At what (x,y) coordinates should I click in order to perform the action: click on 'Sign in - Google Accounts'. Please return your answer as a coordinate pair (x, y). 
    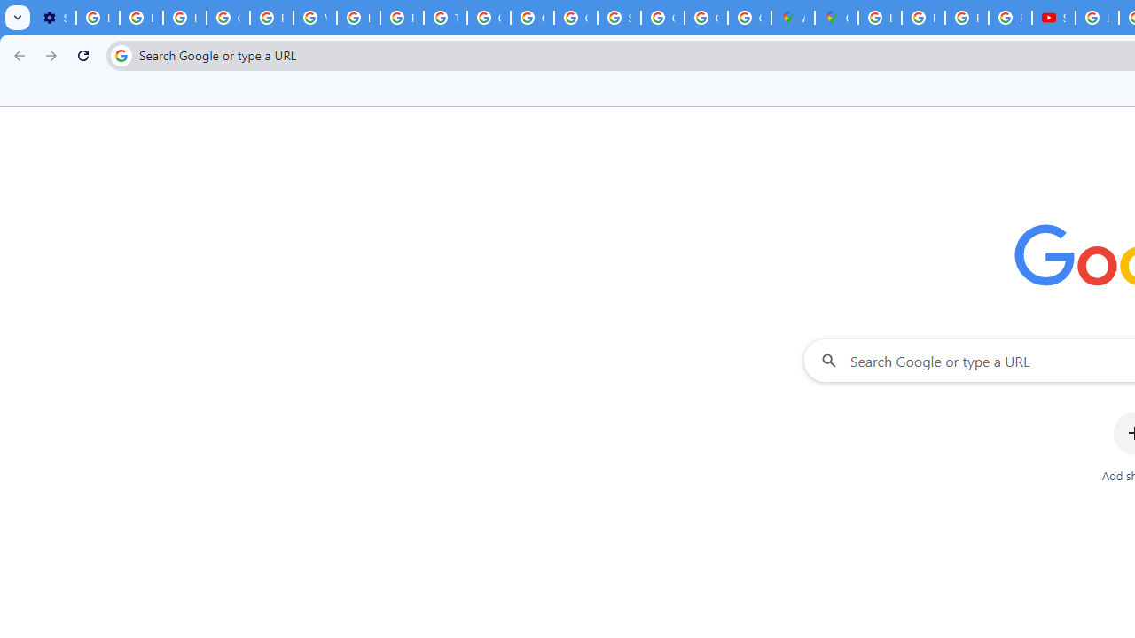
    Looking at the image, I should click on (619, 18).